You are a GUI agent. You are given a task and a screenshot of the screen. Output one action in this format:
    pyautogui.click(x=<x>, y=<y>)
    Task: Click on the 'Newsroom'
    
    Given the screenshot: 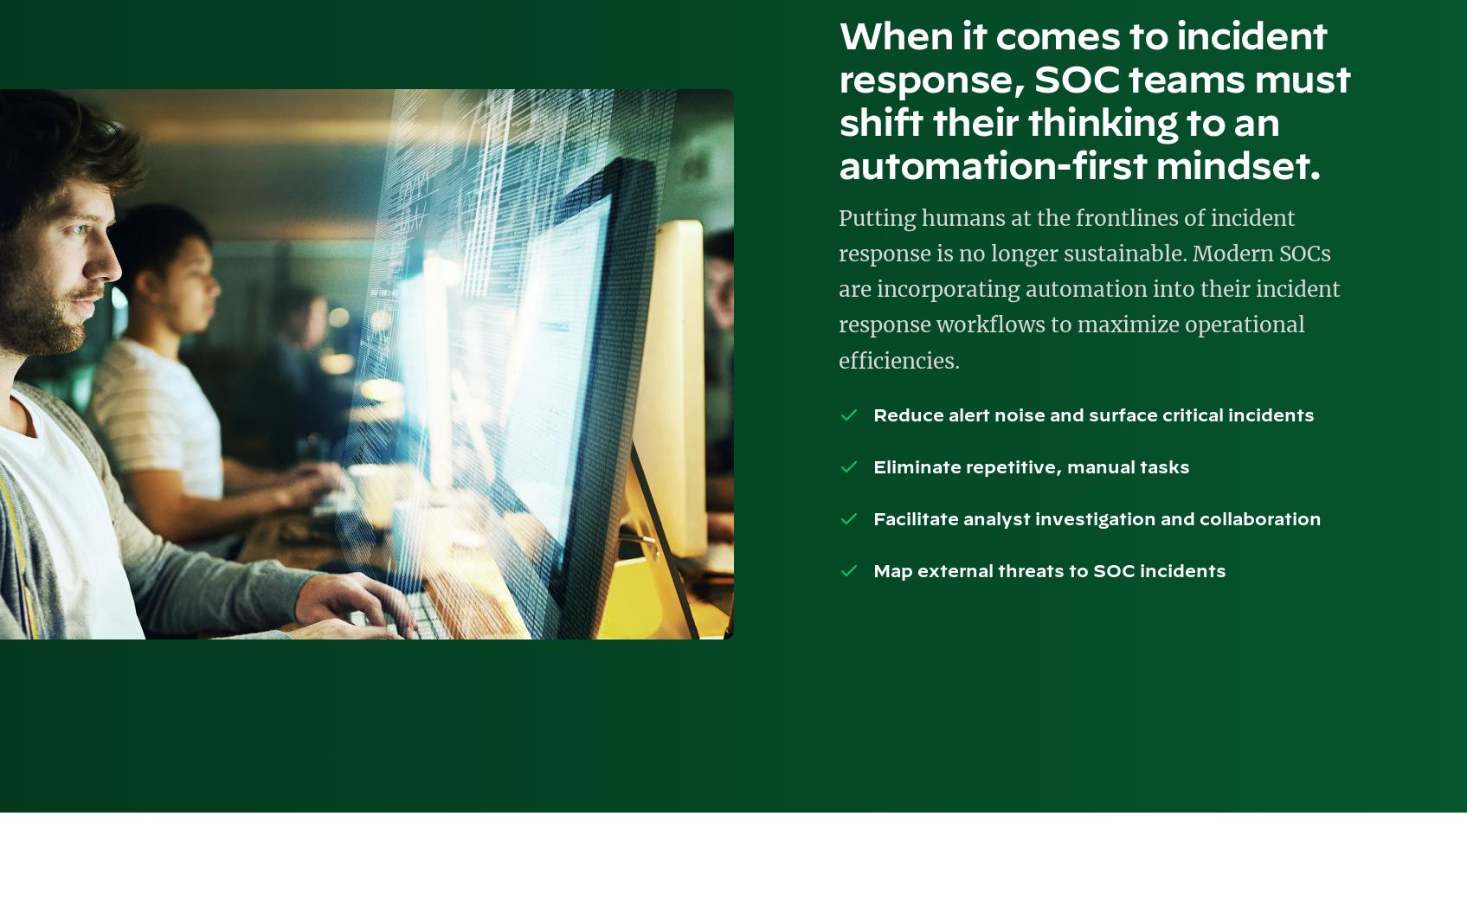 What is the action you would take?
    pyautogui.click(x=607, y=333)
    